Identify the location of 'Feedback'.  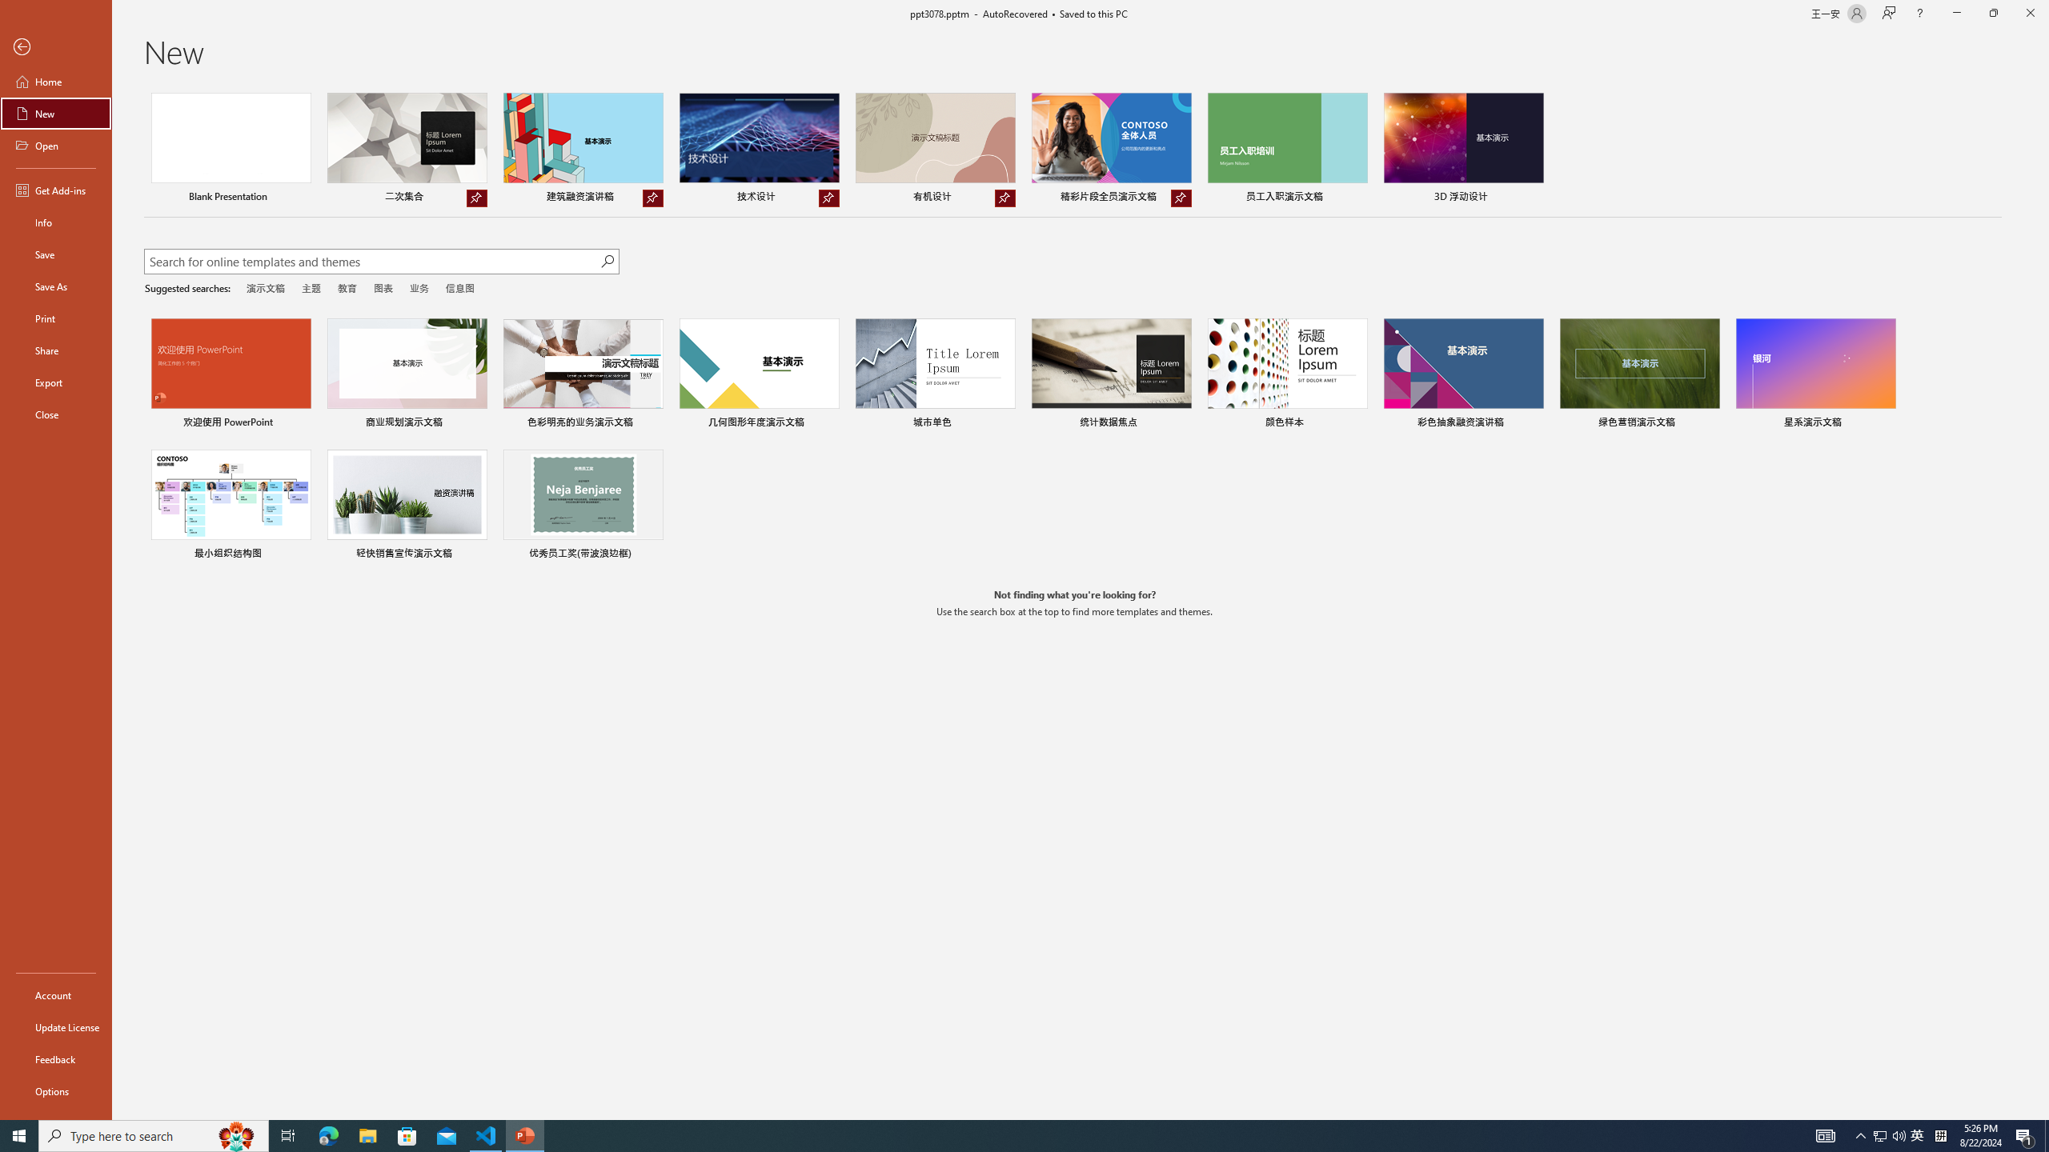
(55, 1059).